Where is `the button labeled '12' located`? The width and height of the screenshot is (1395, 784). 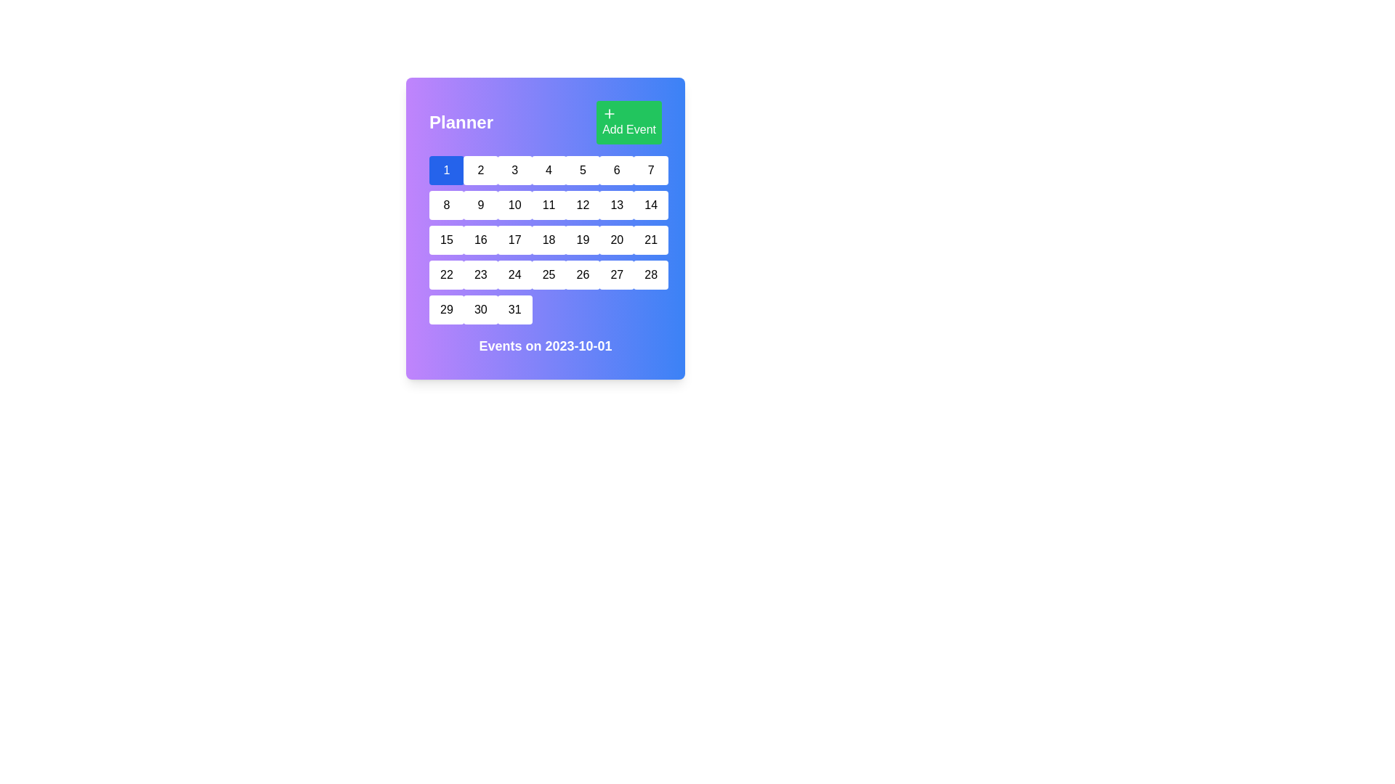 the button labeled '12' located is located at coordinates (583, 205).